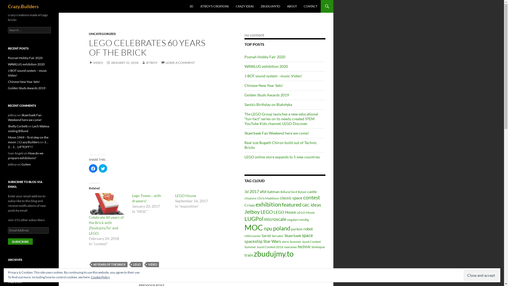 The image size is (508, 286). What do you see at coordinates (10, 3) in the screenshot?
I see `'Search'` at bounding box center [10, 3].